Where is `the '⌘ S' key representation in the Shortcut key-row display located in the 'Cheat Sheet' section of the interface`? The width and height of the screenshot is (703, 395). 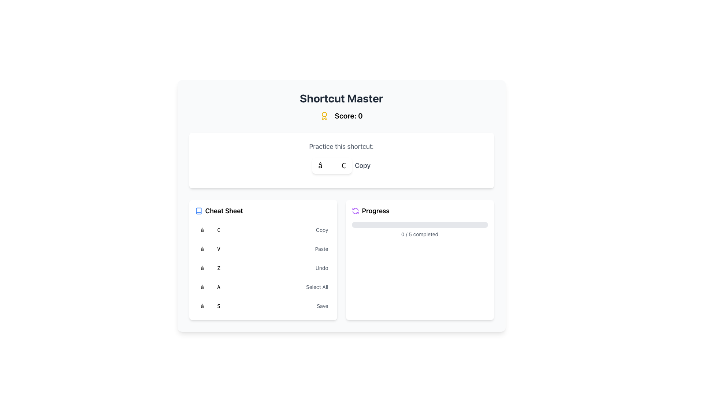
the '⌘ S' key representation in the Shortcut key-row display located in the 'Cheat Sheet' section of the interface is located at coordinates (263, 306).